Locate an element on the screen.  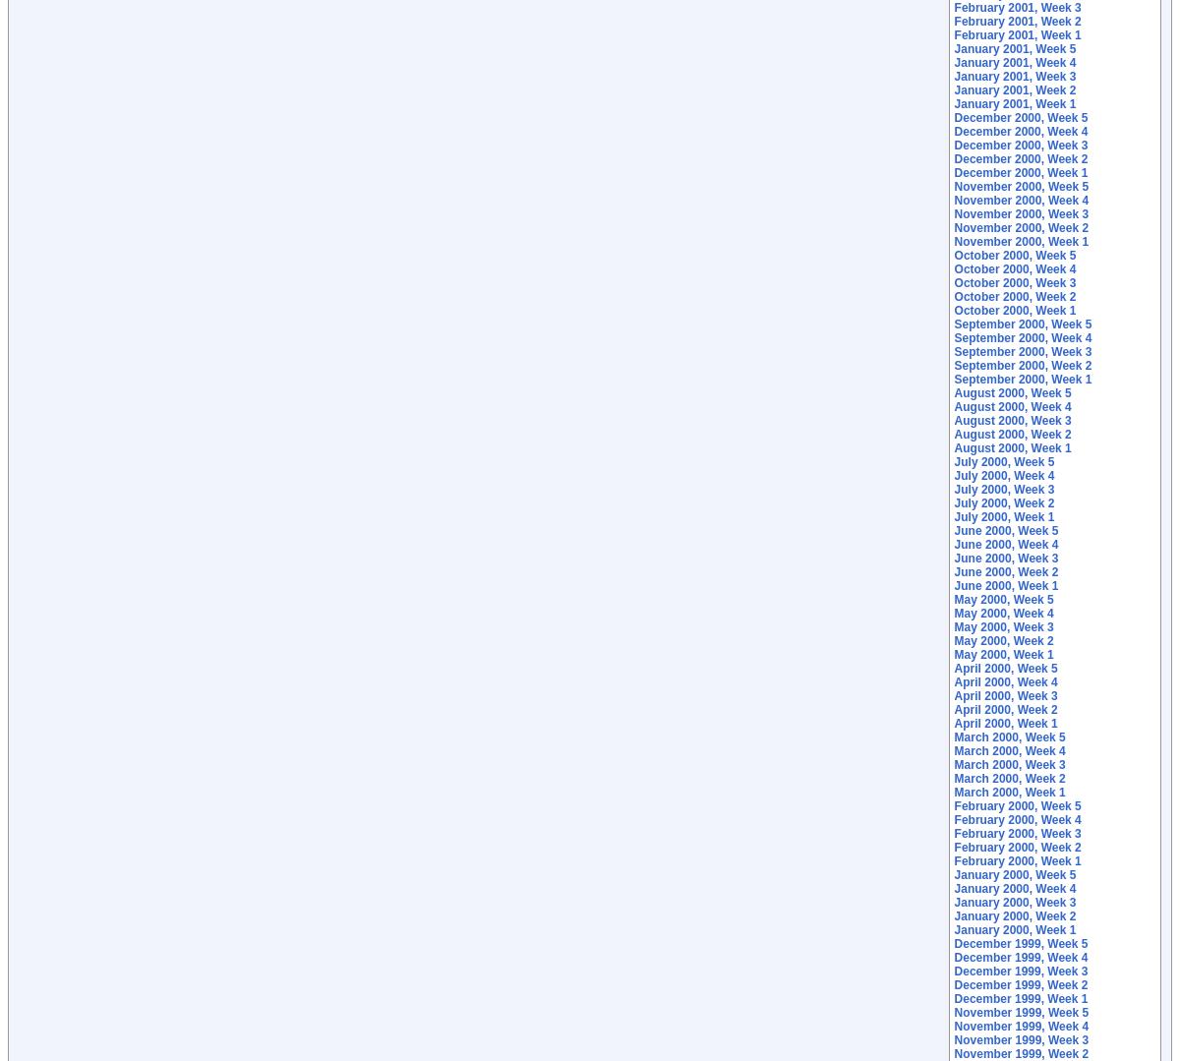
'February 2000, Week 5' is located at coordinates (953, 805).